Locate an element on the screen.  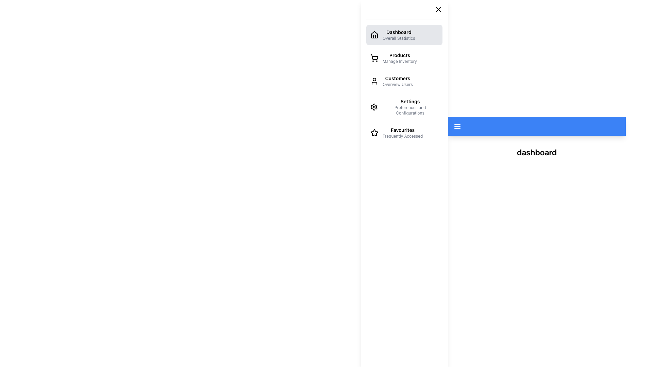
the 'Customers' text label in the left sidebar, which is the third item in the vertical list of options is located at coordinates (398, 81).